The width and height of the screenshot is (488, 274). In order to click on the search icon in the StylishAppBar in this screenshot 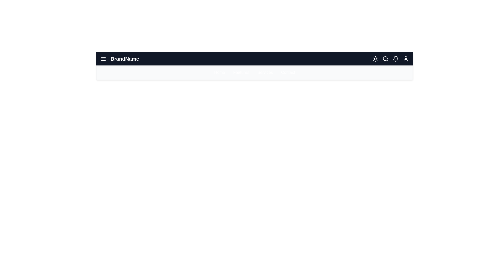, I will do `click(385, 58)`.